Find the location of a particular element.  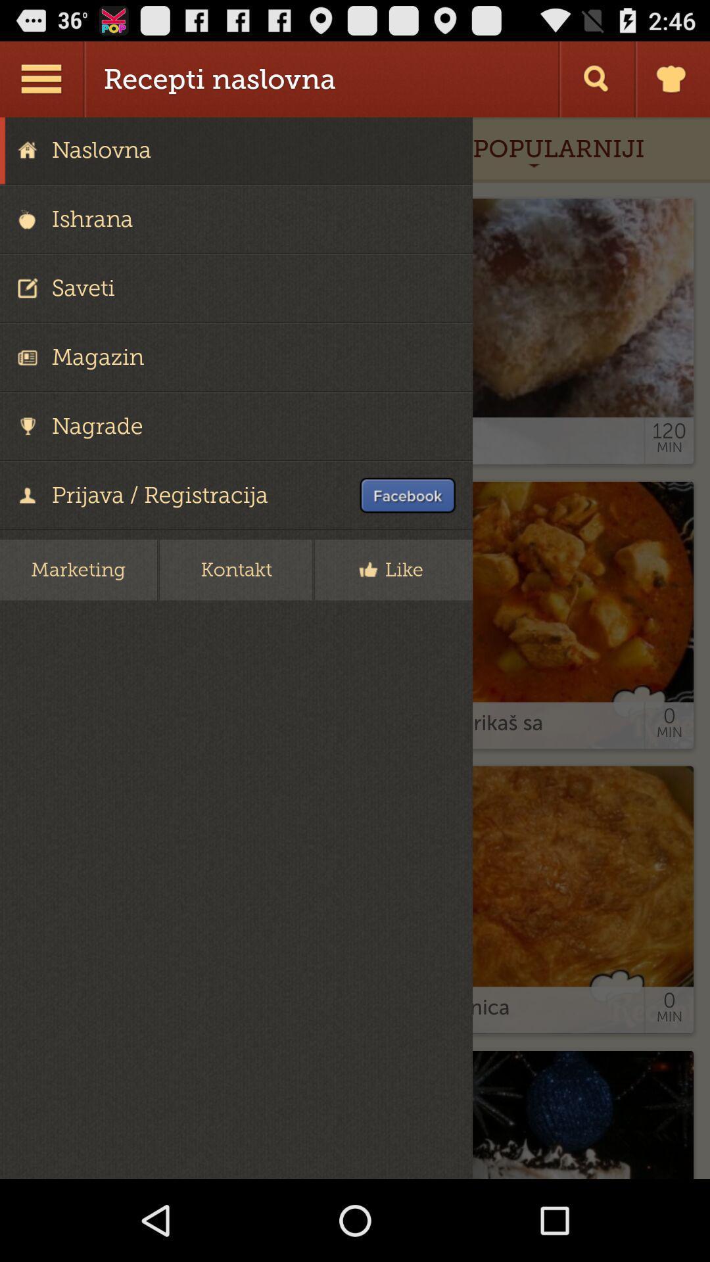

like button is located at coordinates (355, 648).